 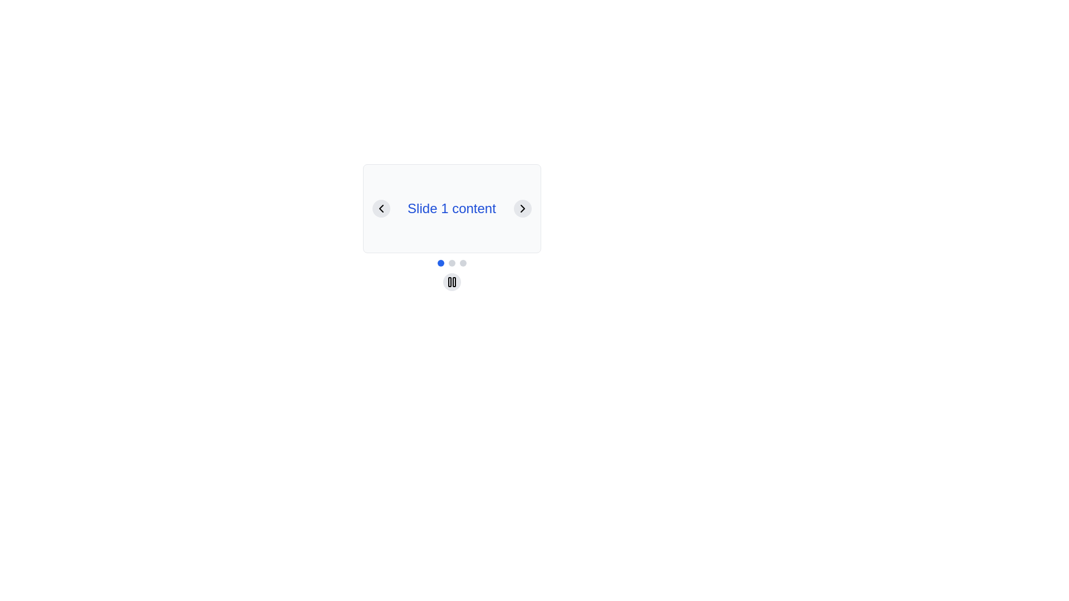 What do you see at coordinates (452, 263) in the screenshot?
I see `the second carousel indicator` at bounding box center [452, 263].